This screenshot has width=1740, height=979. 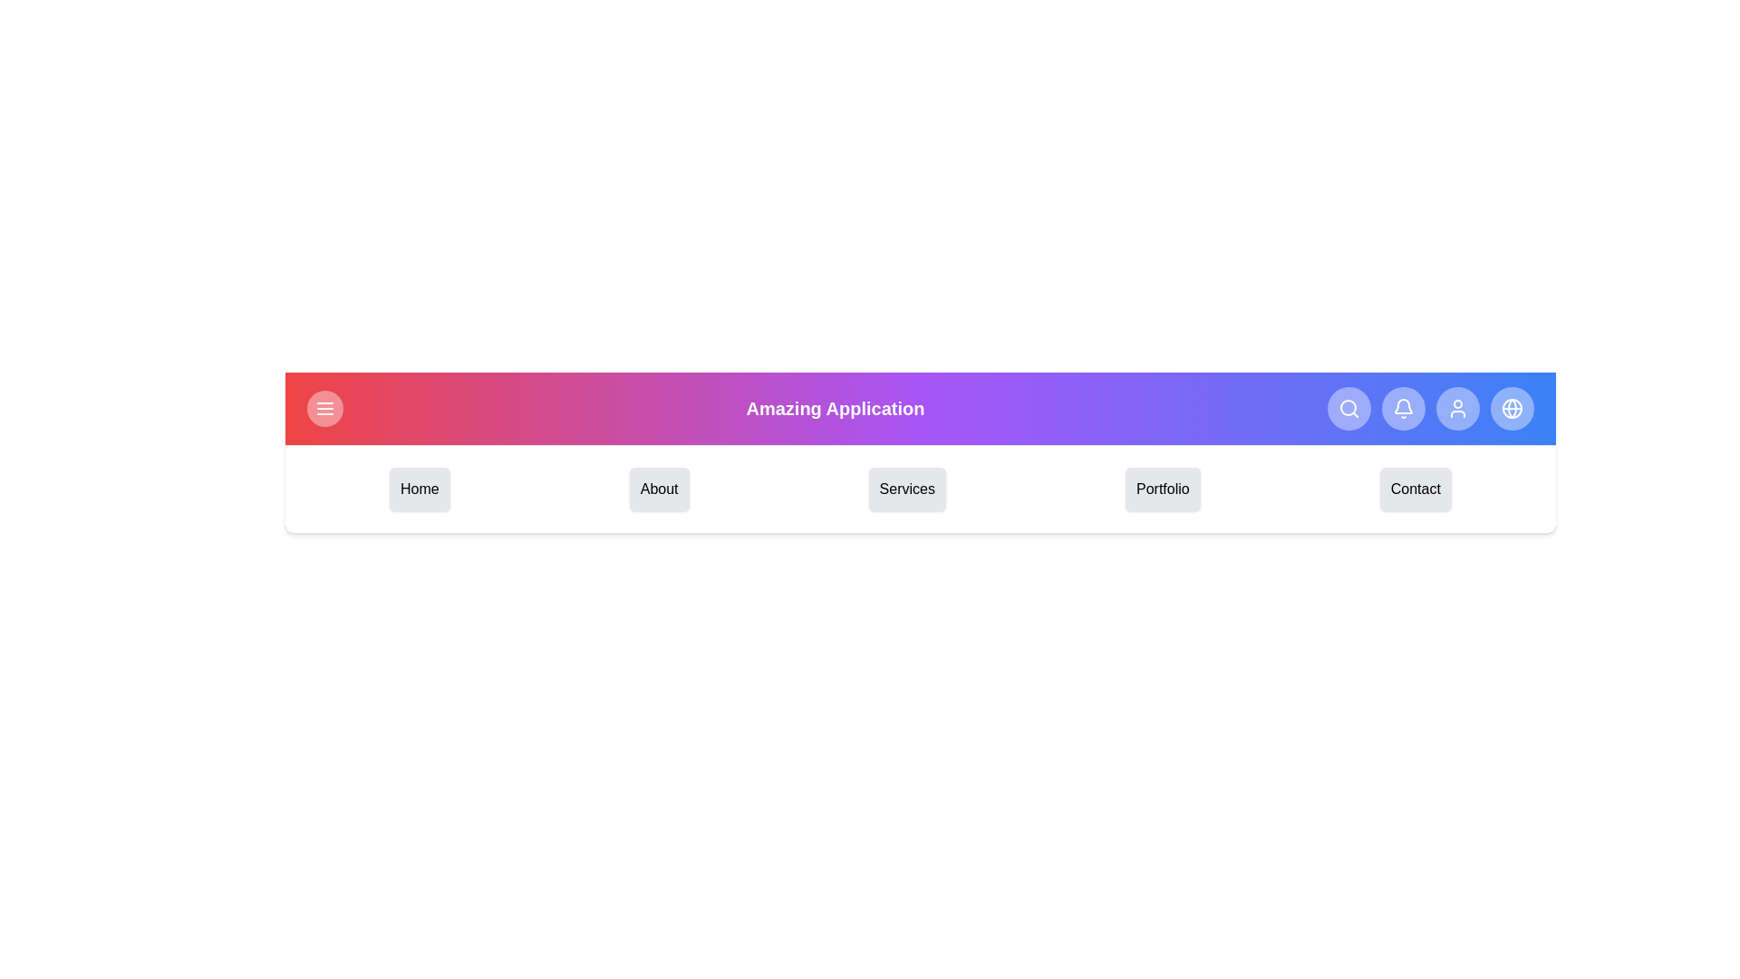 I want to click on the menu item Services from the navigation bar, so click(x=907, y=489).